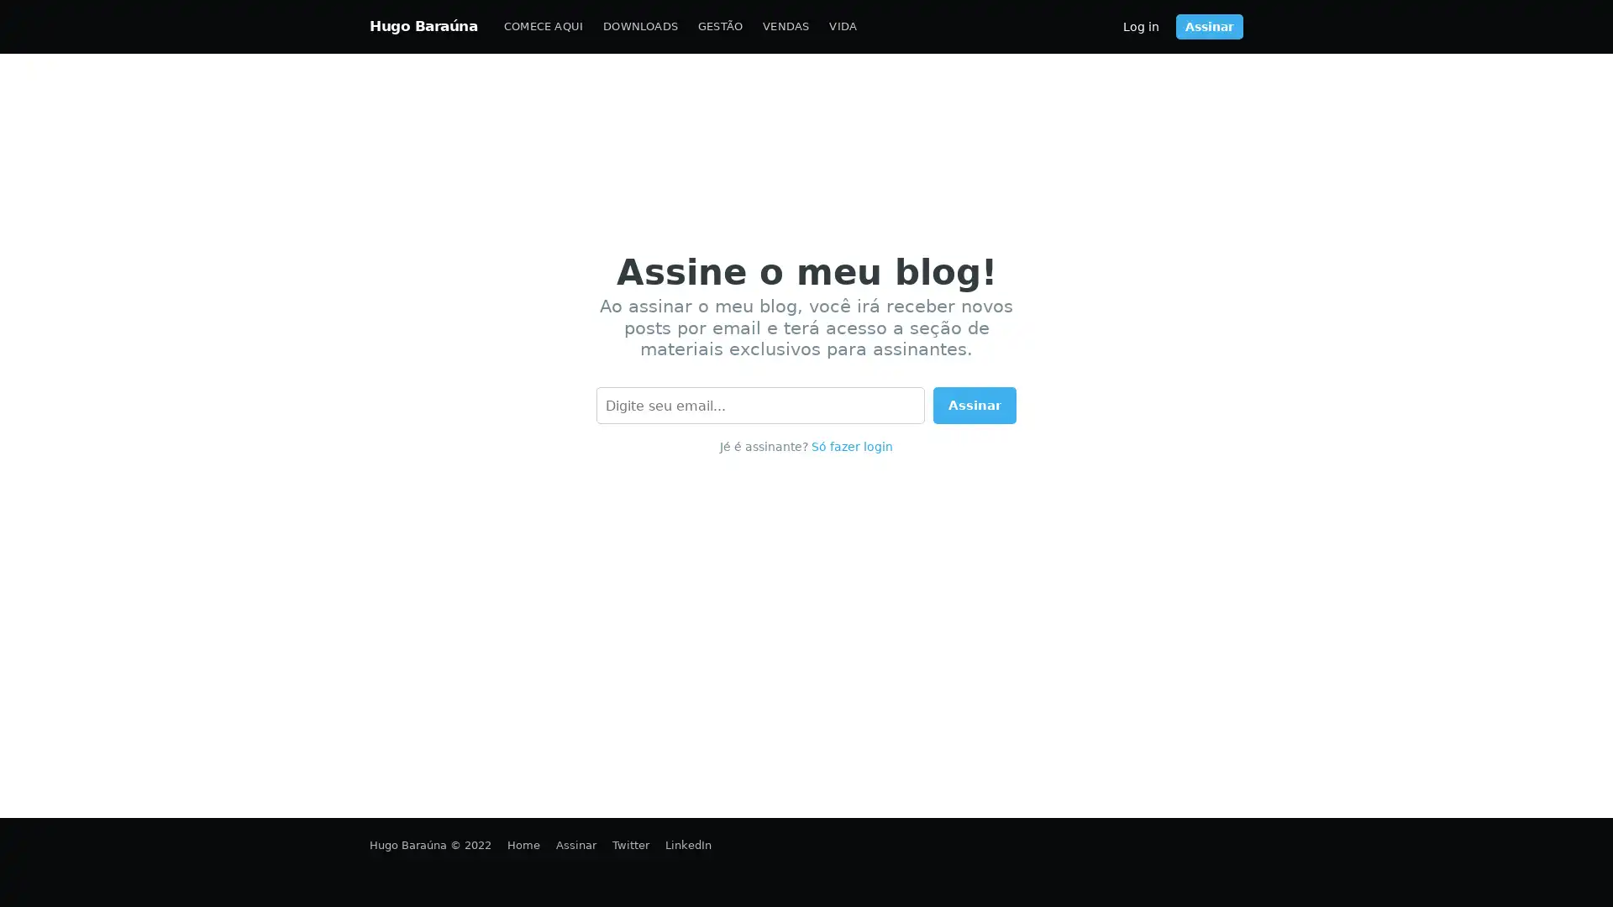 The height and width of the screenshot is (907, 1613). What do you see at coordinates (975, 405) in the screenshot?
I see `Assinar` at bounding box center [975, 405].